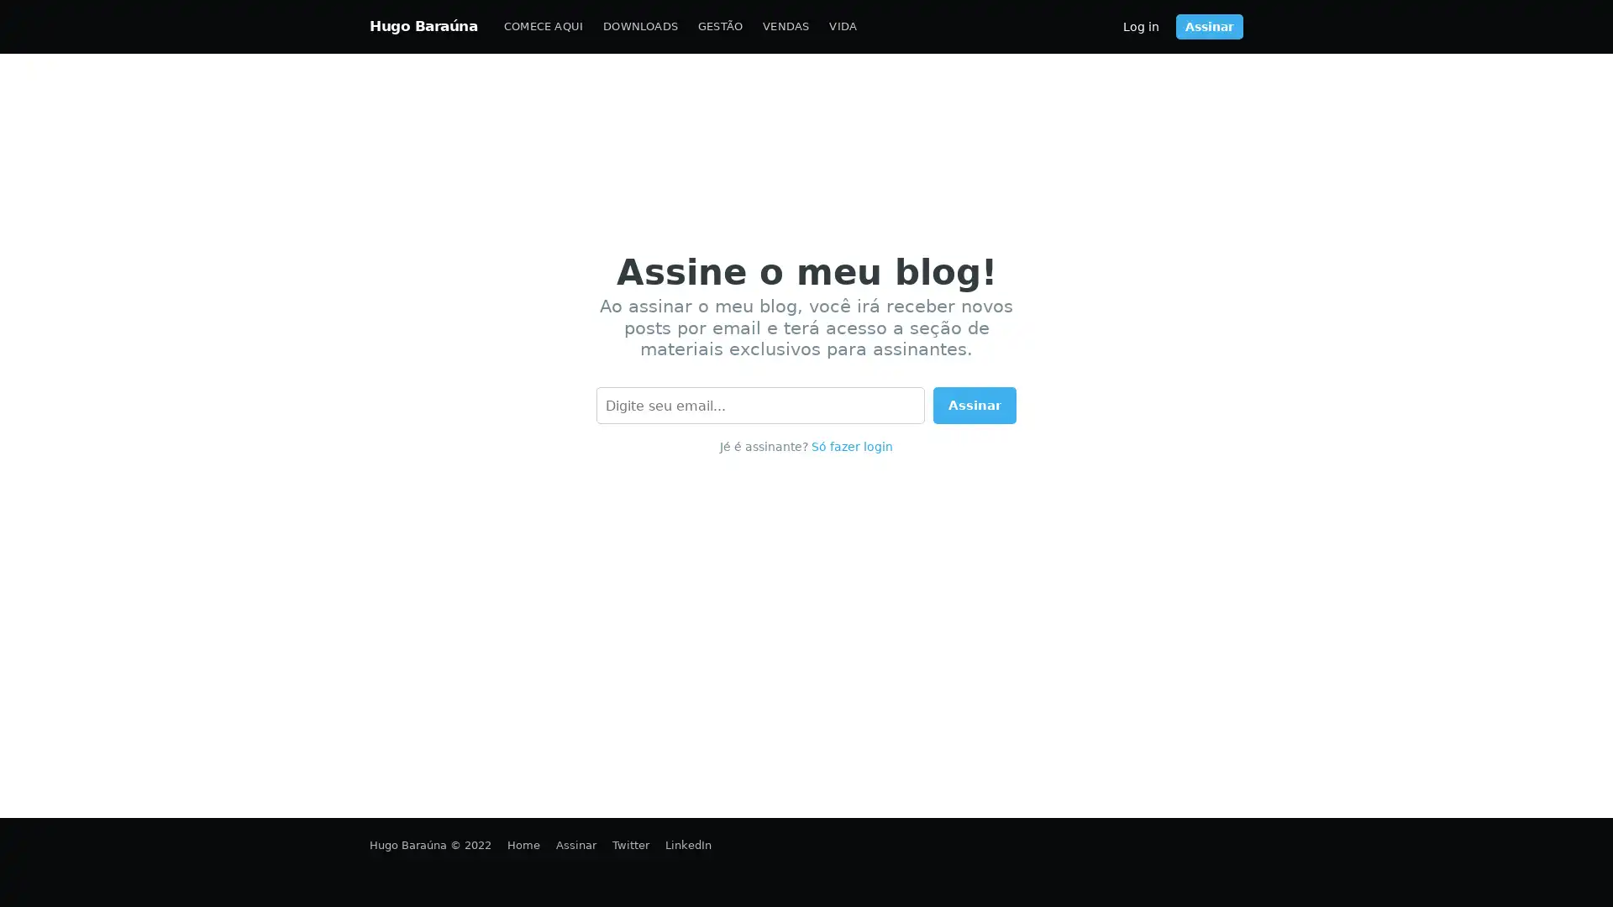 The height and width of the screenshot is (907, 1613). What do you see at coordinates (975, 405) in the screenshot?
I see `Assinar` at bounding box center [975, 405].